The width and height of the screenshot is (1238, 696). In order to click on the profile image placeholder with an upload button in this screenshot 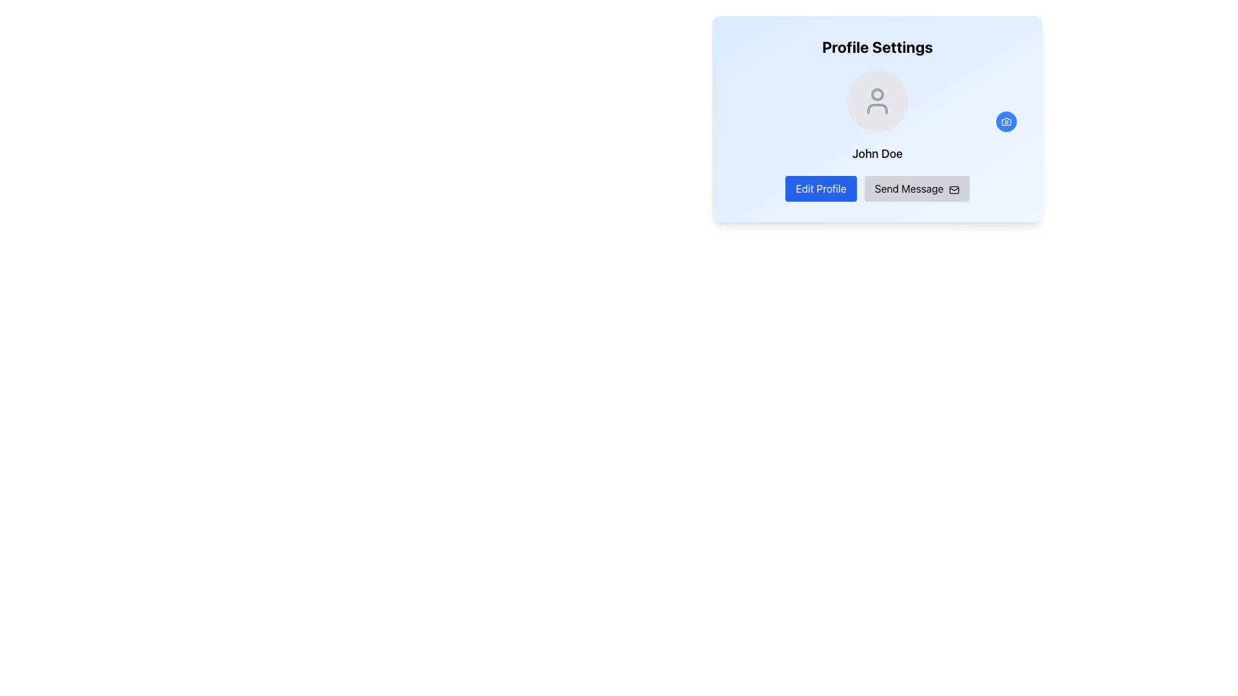, I will do `click(877, 101)`.